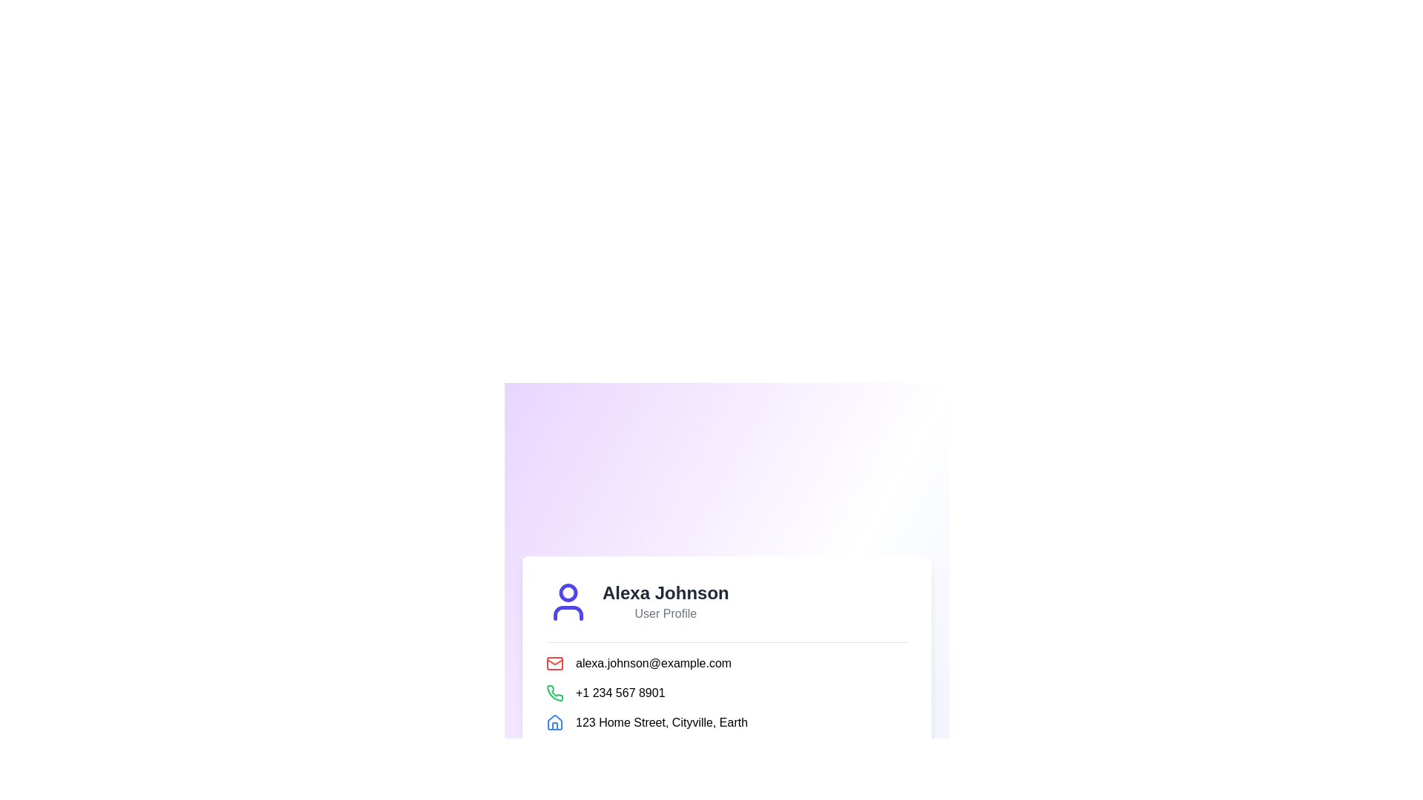 The height and width of the screenshot is (800, 1423). I want to click on the Profile header section, which displays the user's profile image, name, and role, located at the upper portion of a card-like section with a white background, so click(726, 601).